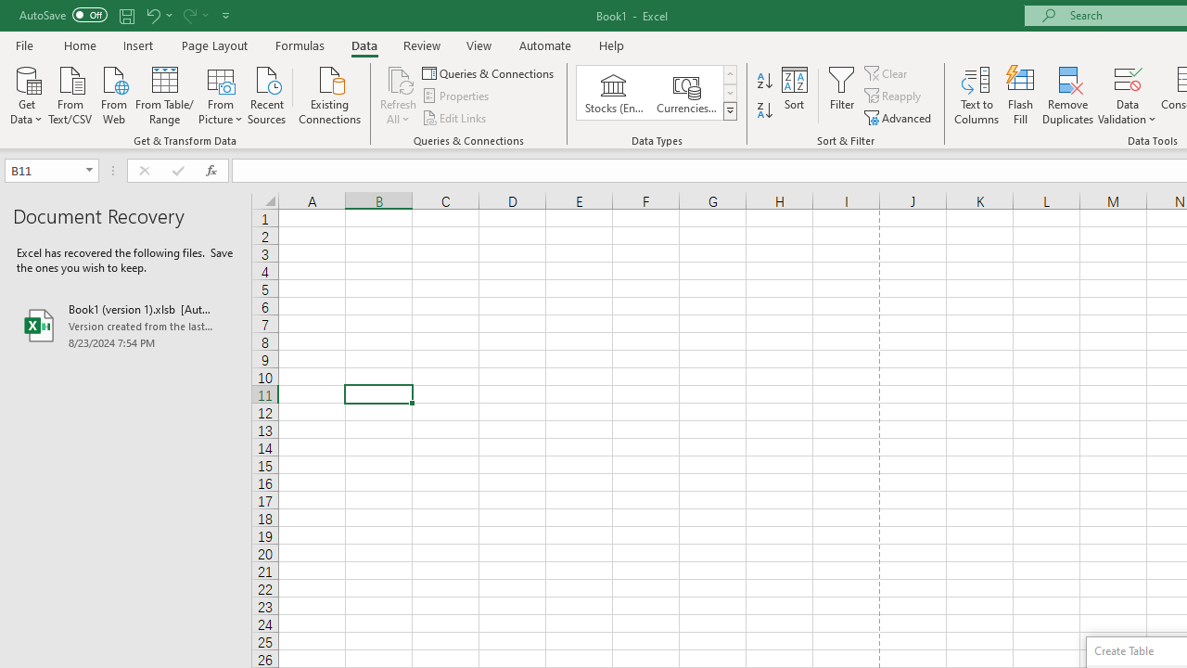  Describe the element at coordinates (729, 111) in the screenshot. I see `'Data Types'` at that location.